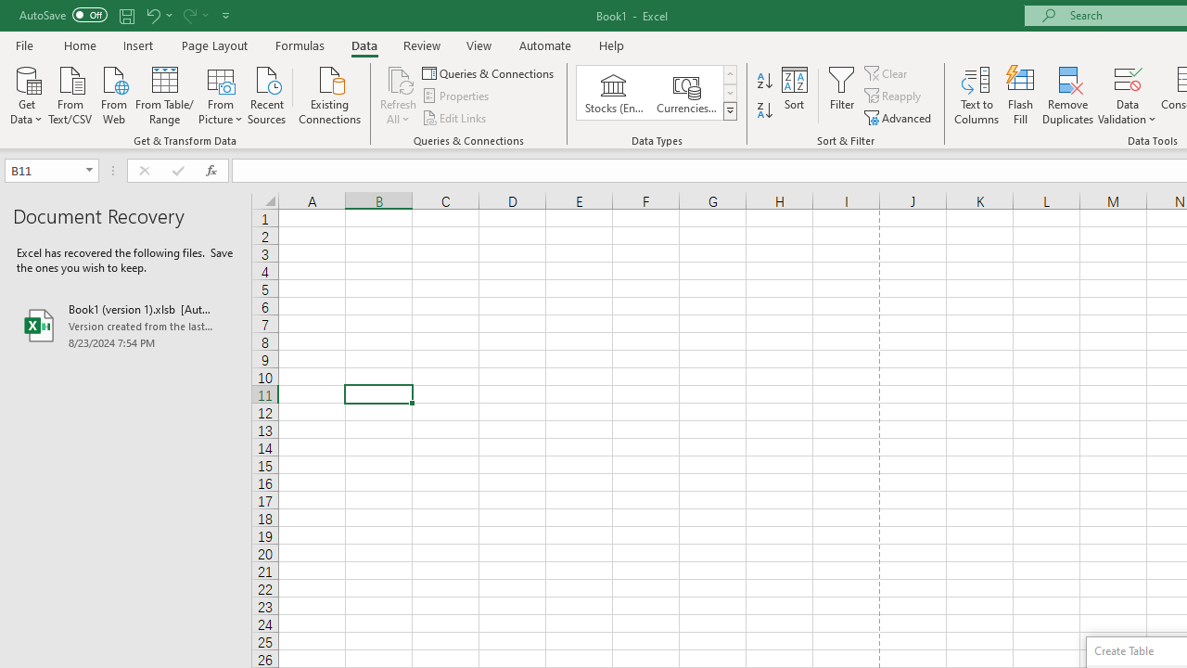  Describe the element at coordinates (729, 111) in the screenshot. I see `'Data Types'` at that location.